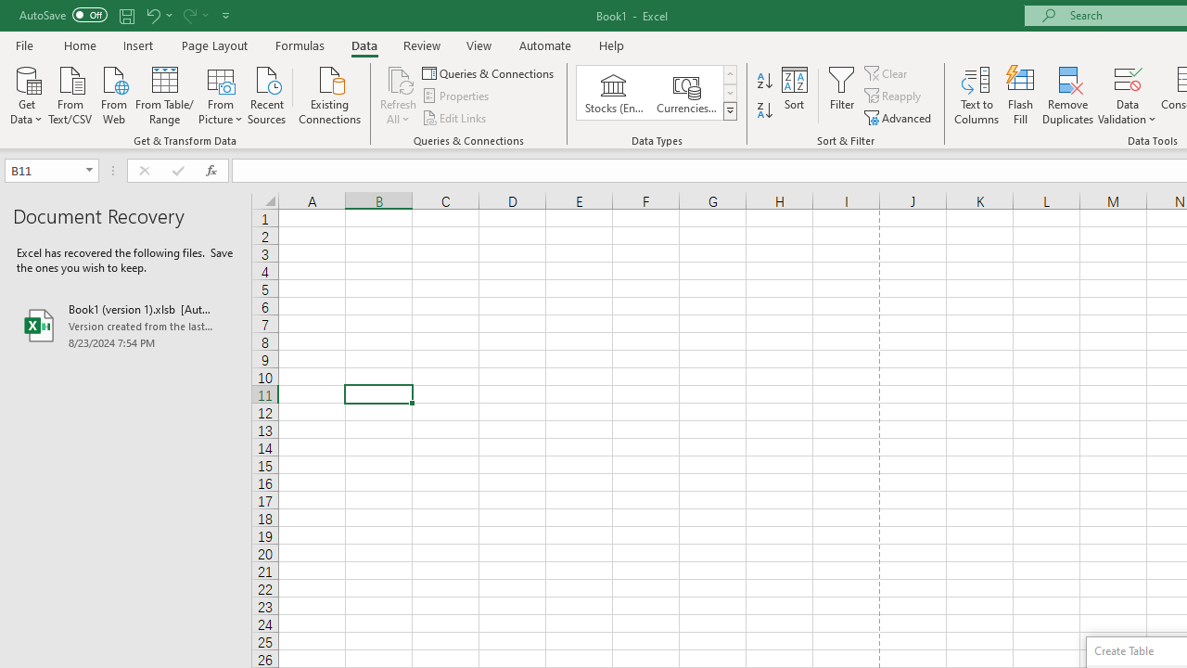  Describe the element at coordinates (729, 111) in the screenshot. I see `'Data Types'` at that location.